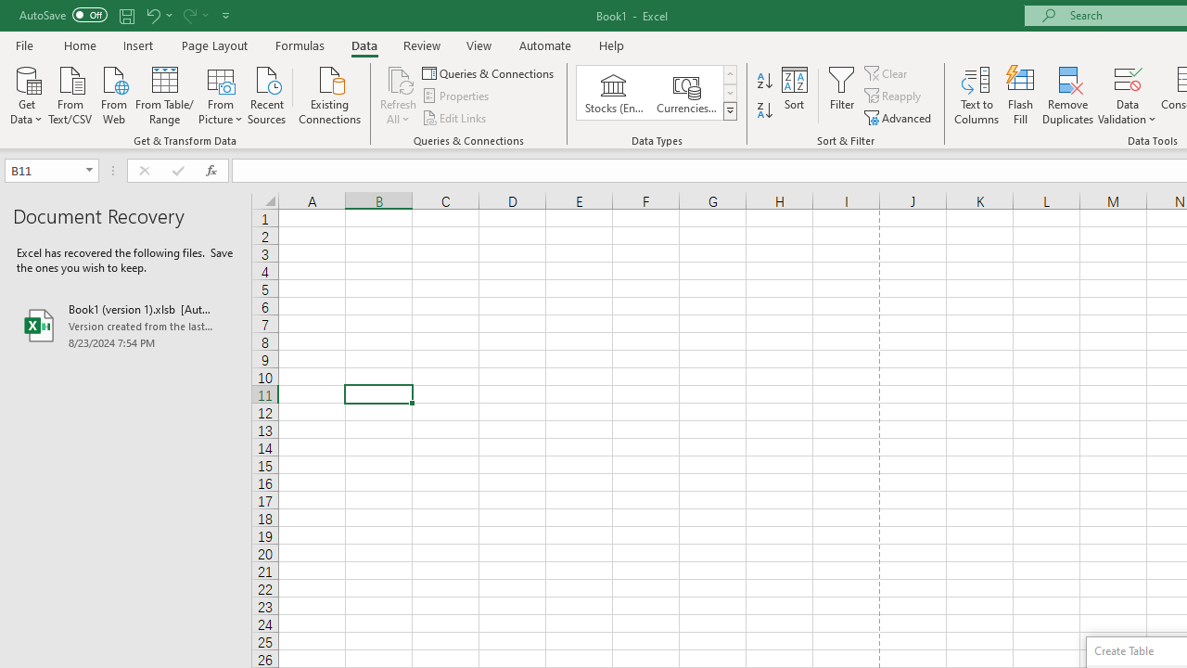  Describe the element at coordinates (729, 111) in the screenshot. I see `'Data Types'` at that location.